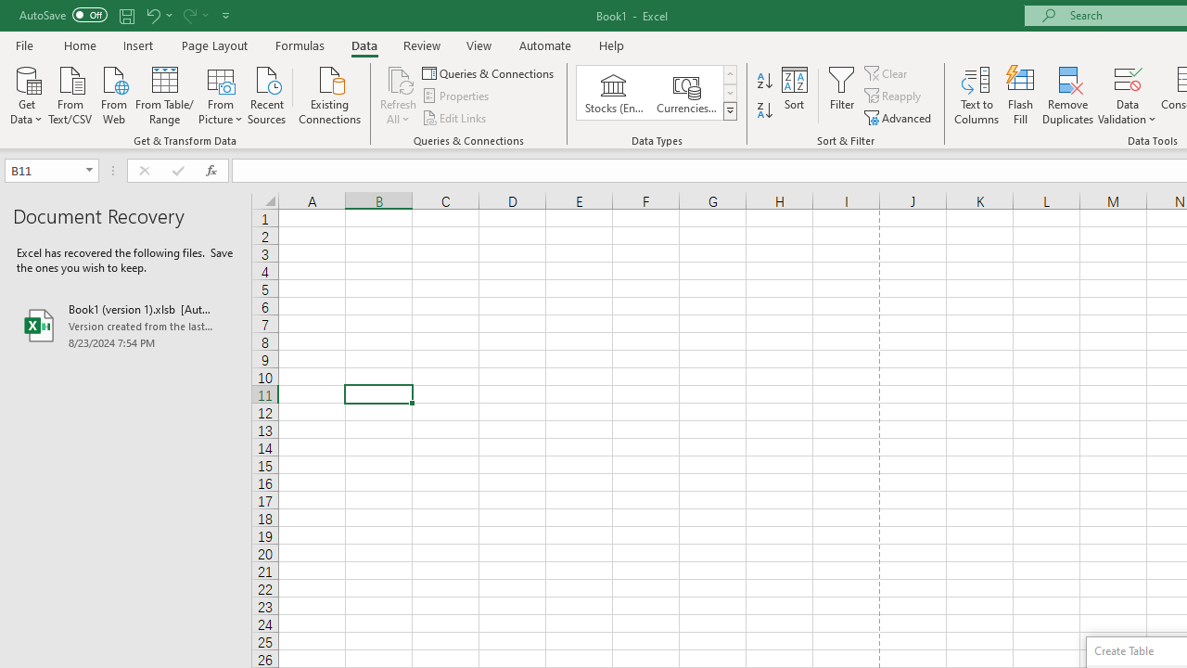  Describe the element at coordinates (729, 111) in the screenshot. I see `'Data Types'` at that location.